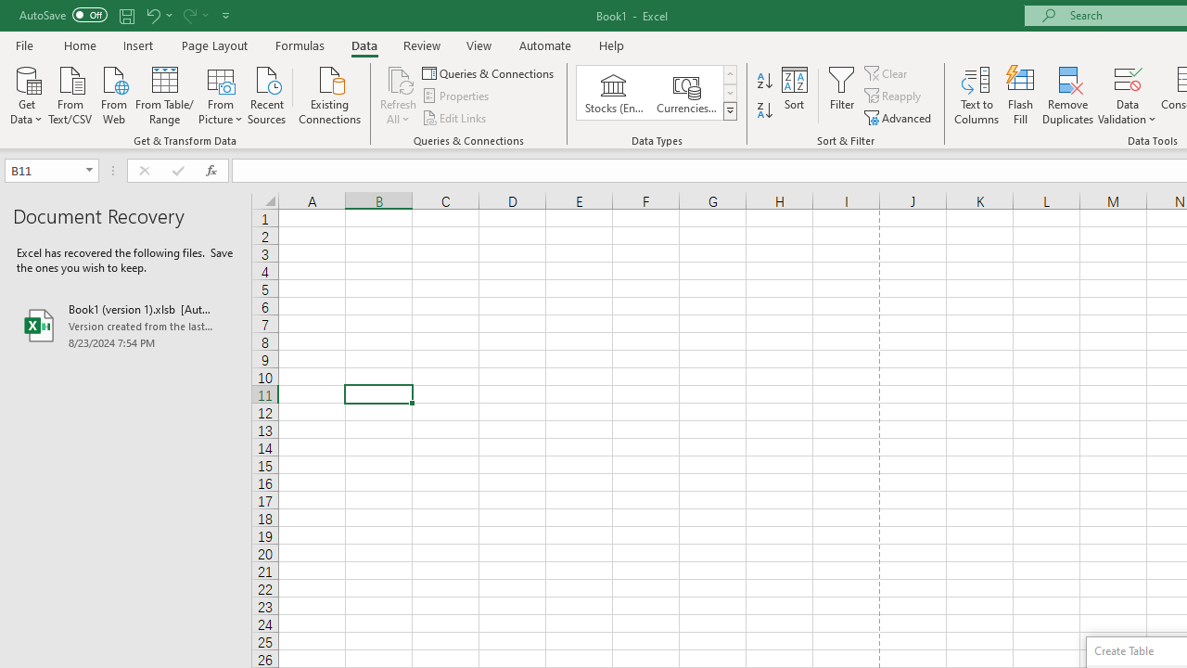  Describe the element at coordinates (729, 111) in the screenshot. I see `'Data Types'` at that location.